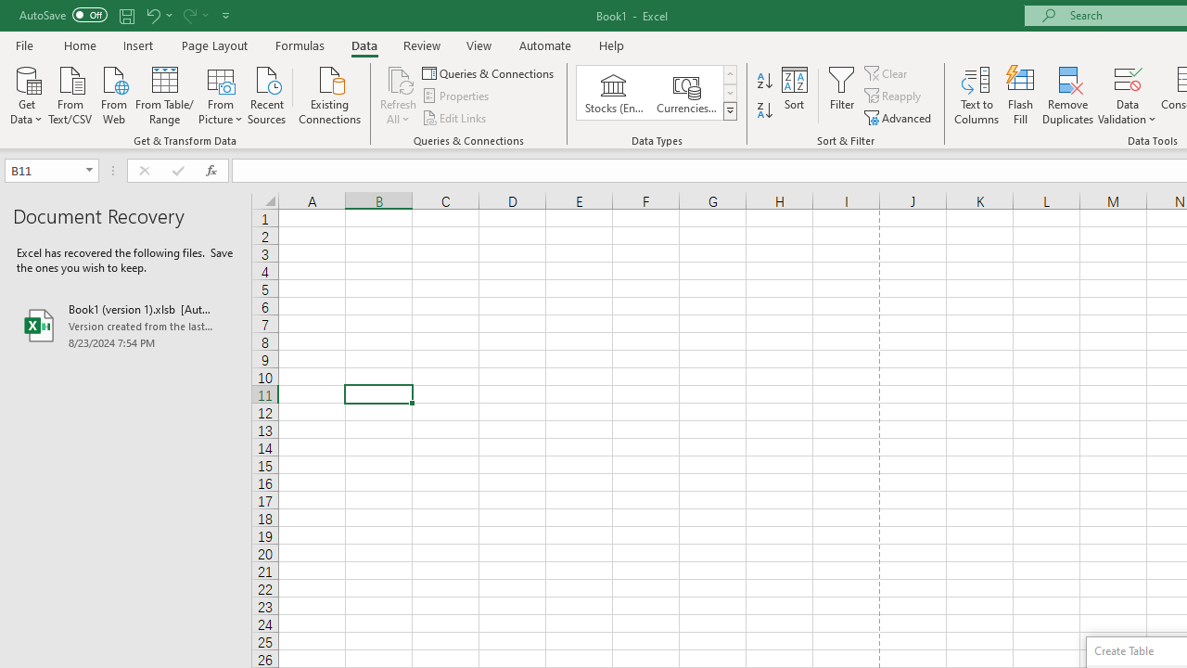  Describe the element at coordinates (729, 111) in the screenshot. I see `'Data Types'` at that location.